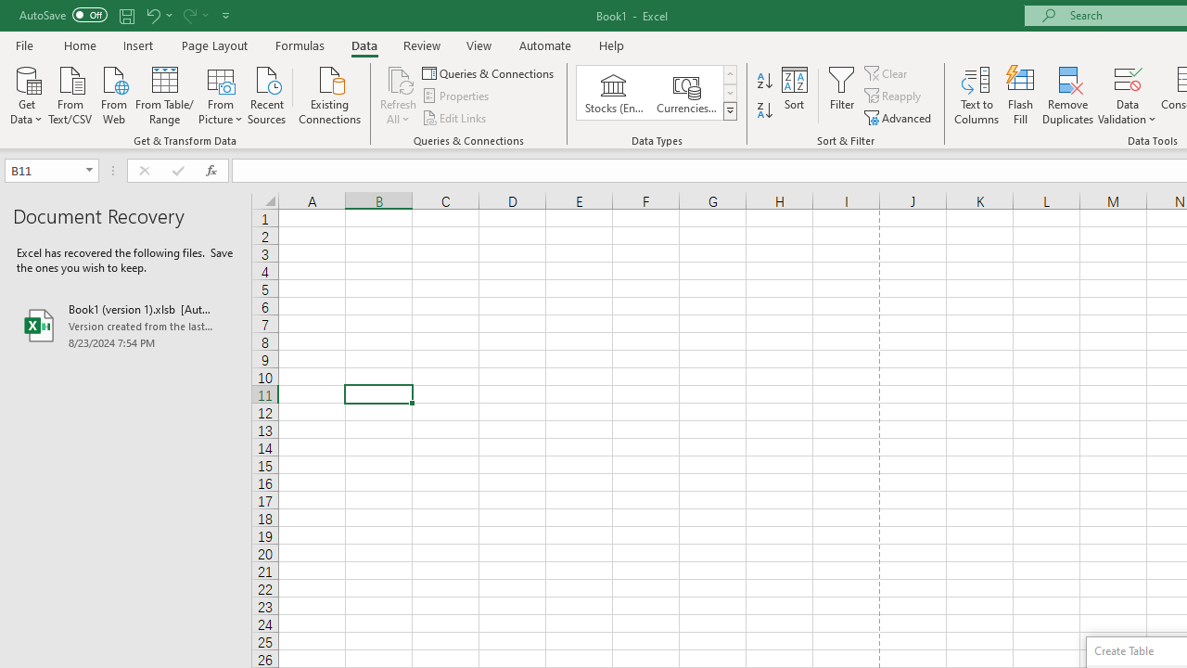  Describe the element at coordinates (729, 111) in the screenshot. I see `'Data Types'` at that location.